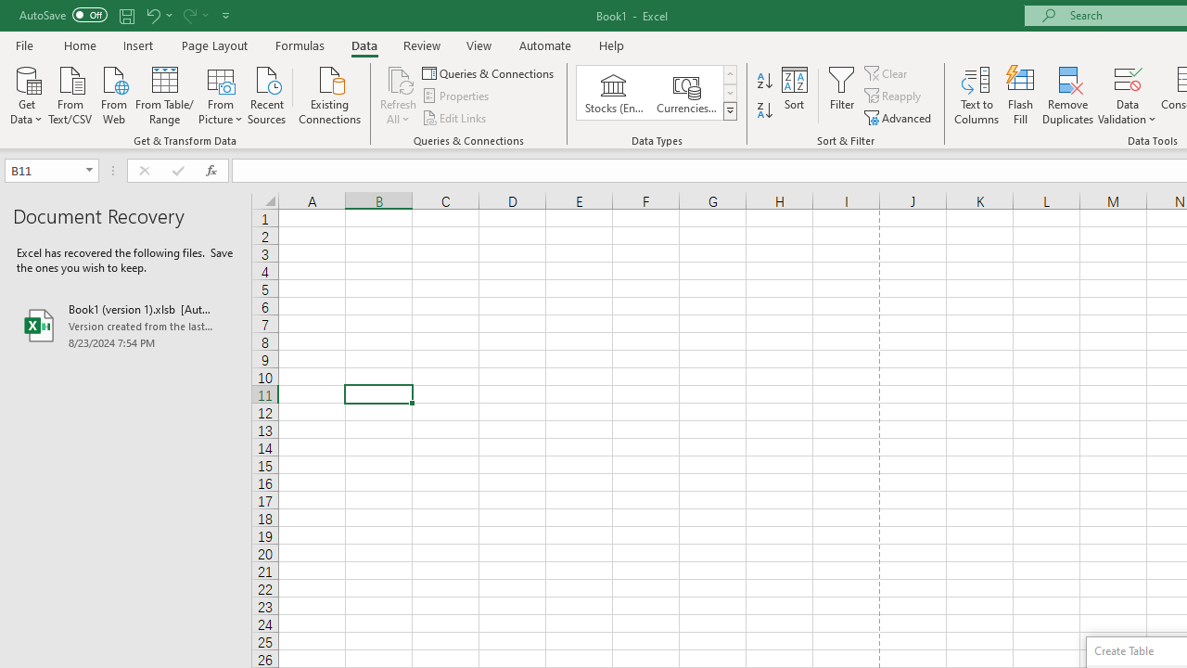  Describe the element at coordinates (729, 111) in the screenshot. I see `'Data Types'` at that location.